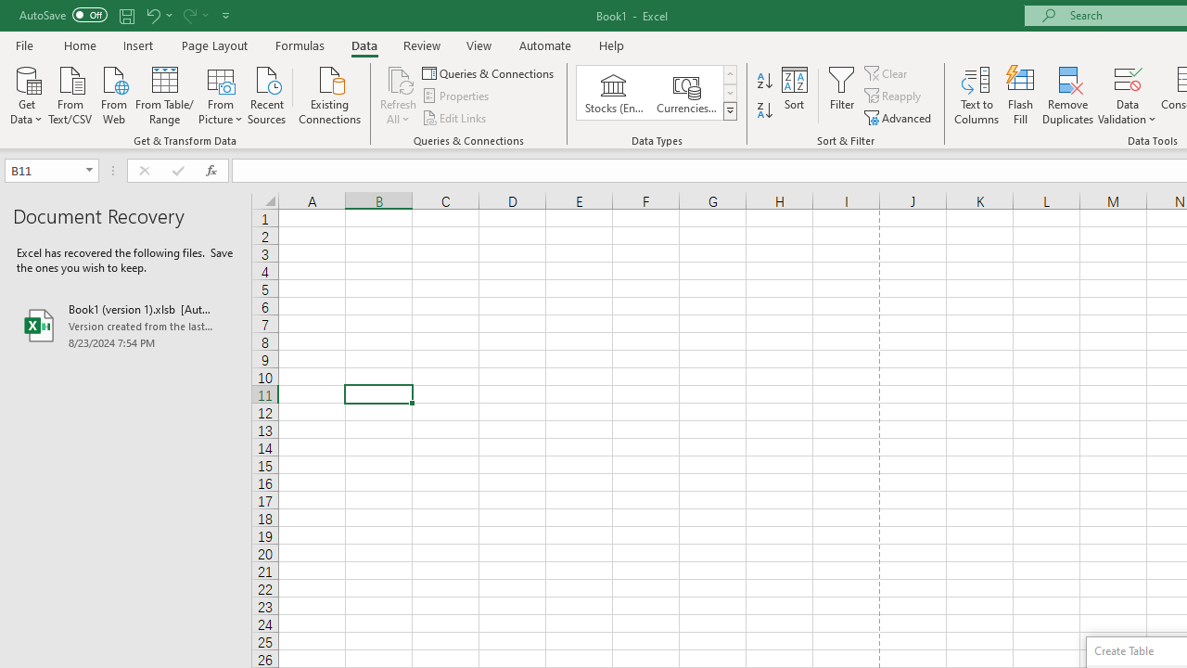  Describe the element at coordinates (729, 111) in the screenshot. I see `'Data Types'` at that location.